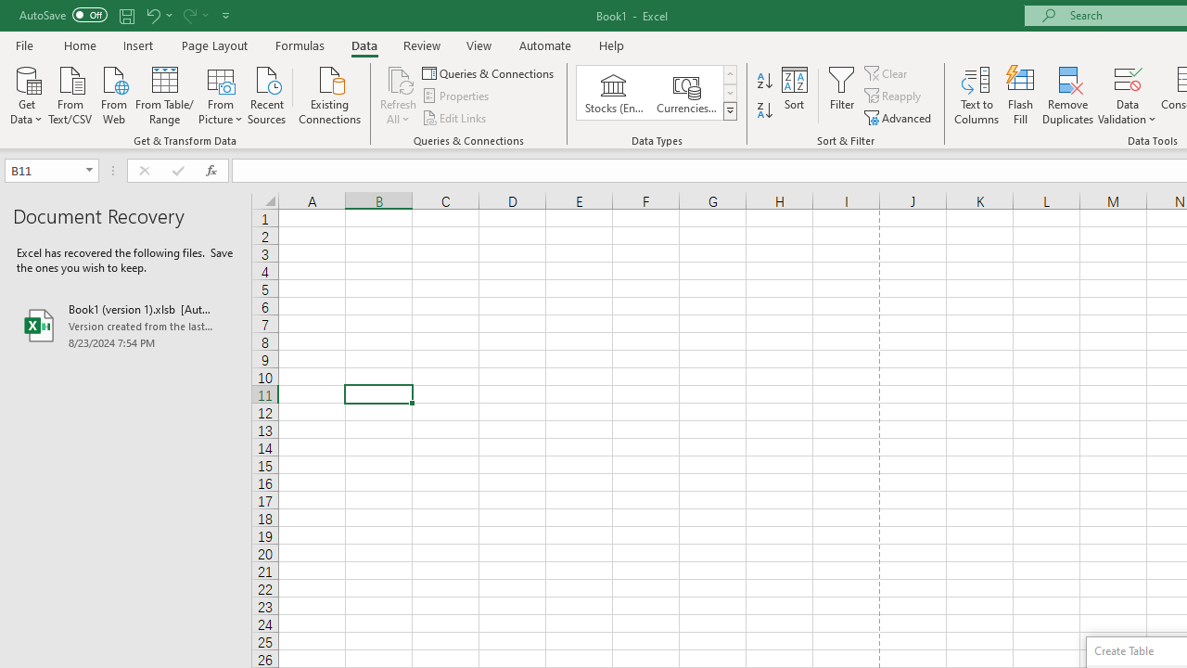  Describe the element at coordinates (729, 111) in the screenshot. I see `'Data Types'` at that location.